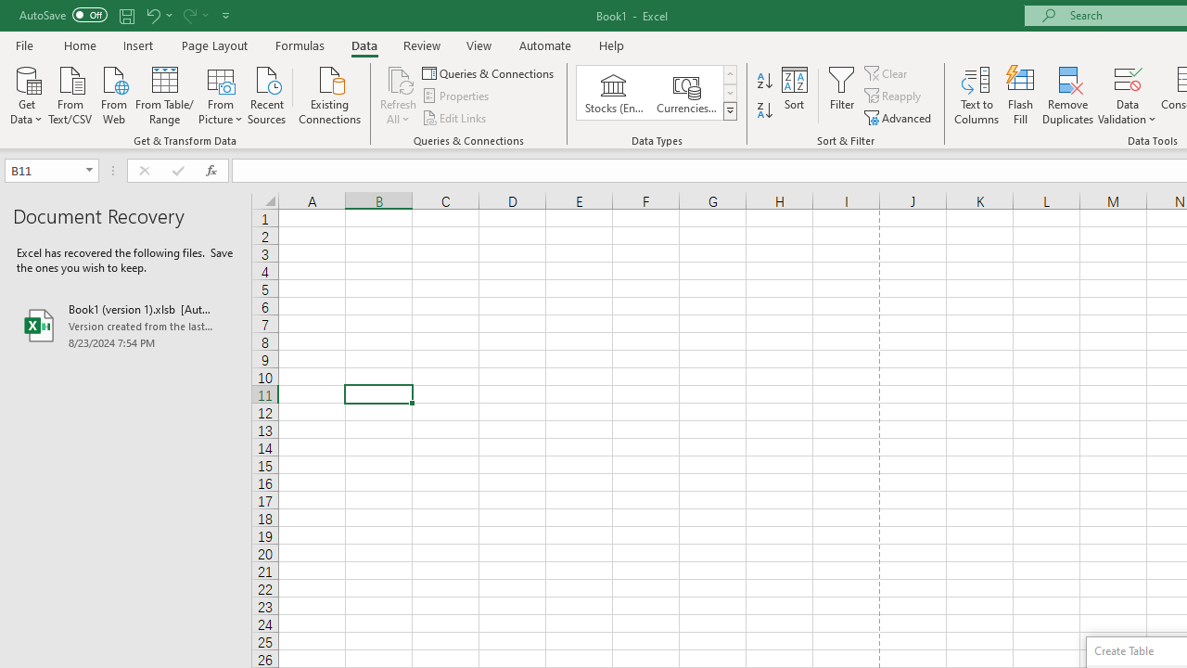  Describe the element at coordinates (729, 111) in the screenshot. I see `'Data Types'` at that location.